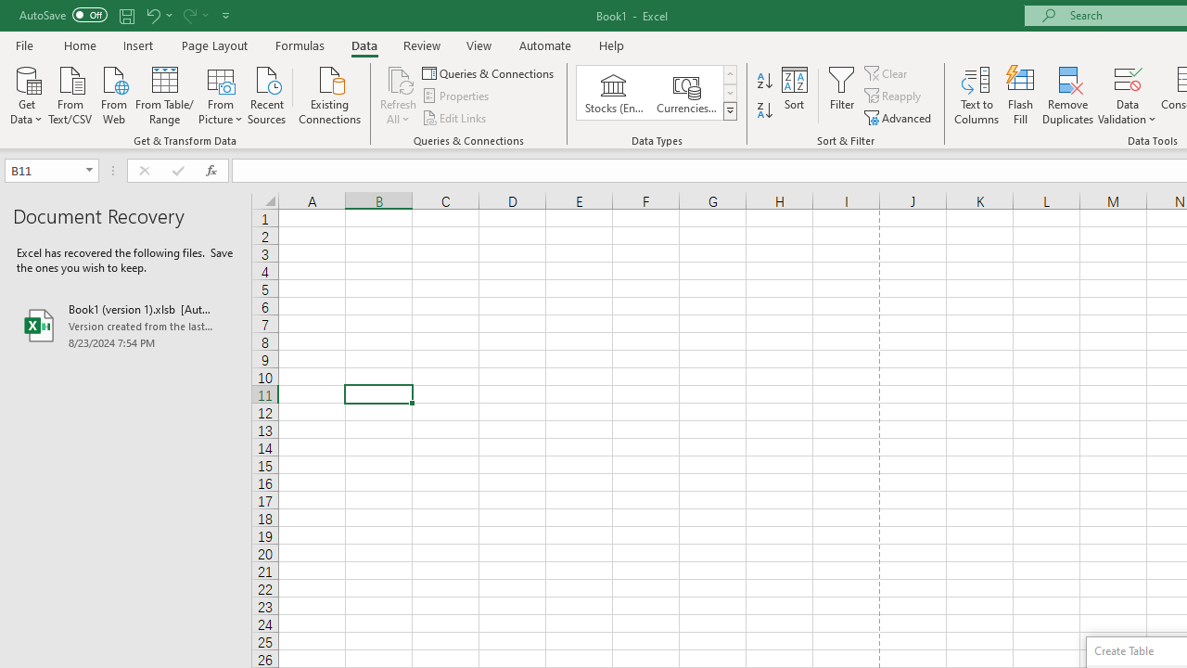  Describe the element at coordinates (729, 111) in the screenshot. I see `'Data Types'` at that location.